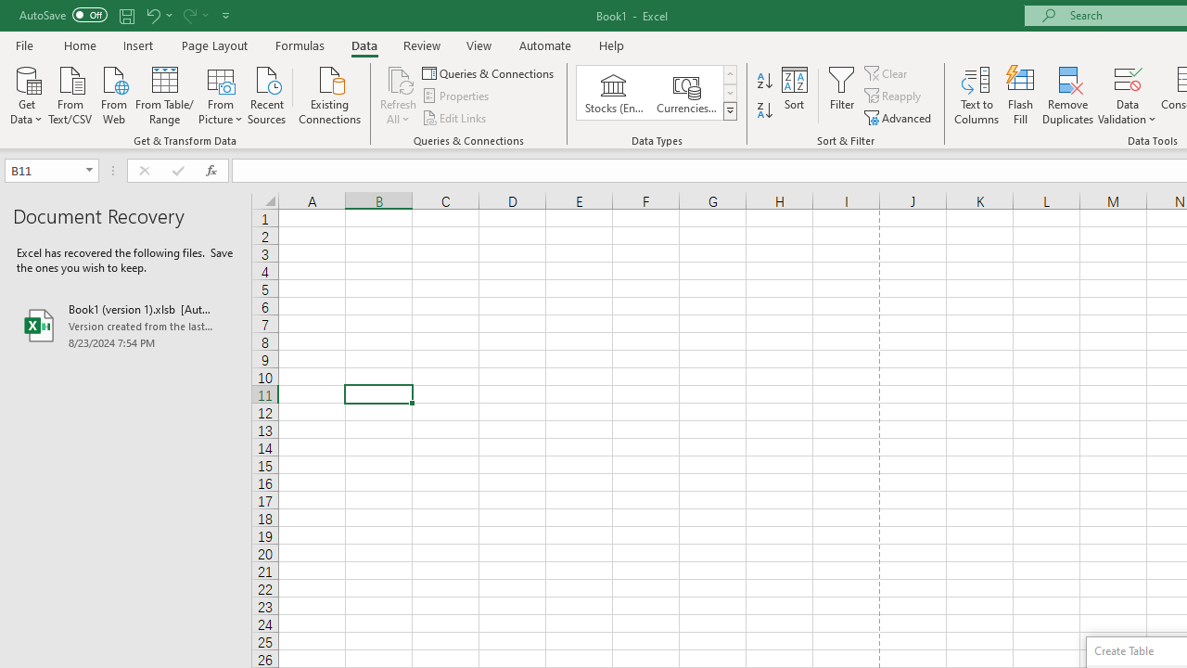  Describe the element at coordinates (729, 111) in the screenshot. I see `'Data Types'` at that location.